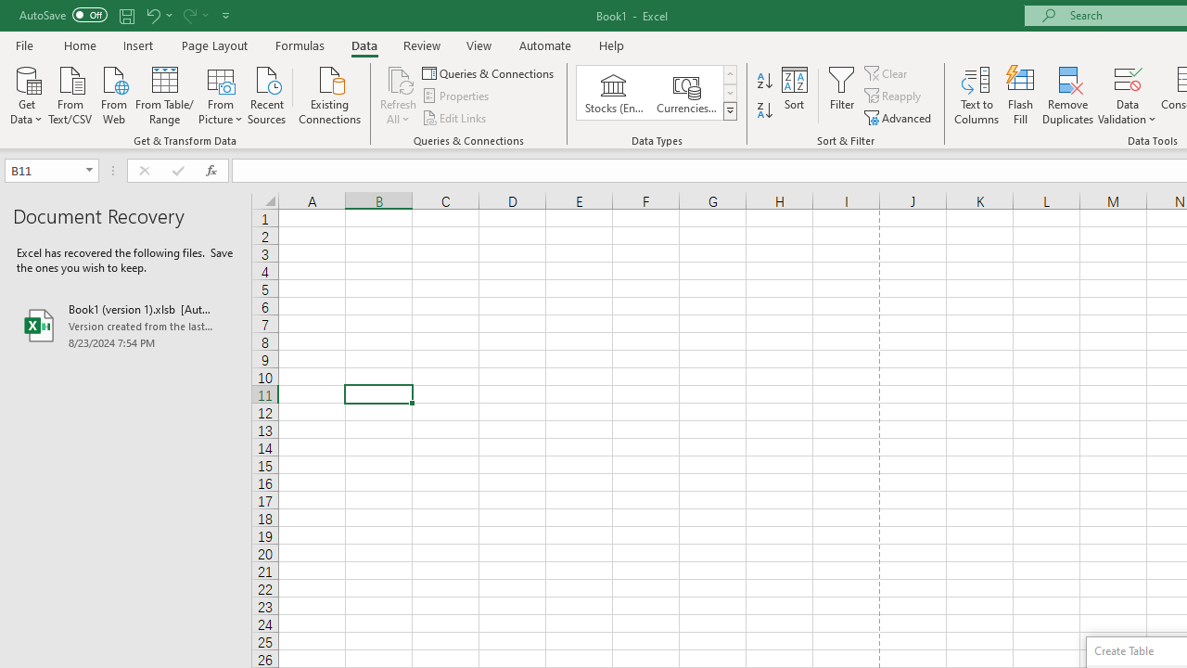  Describe the element at coordinates (729, 111) in the screenshot. I see `'Data Types'` at that location.